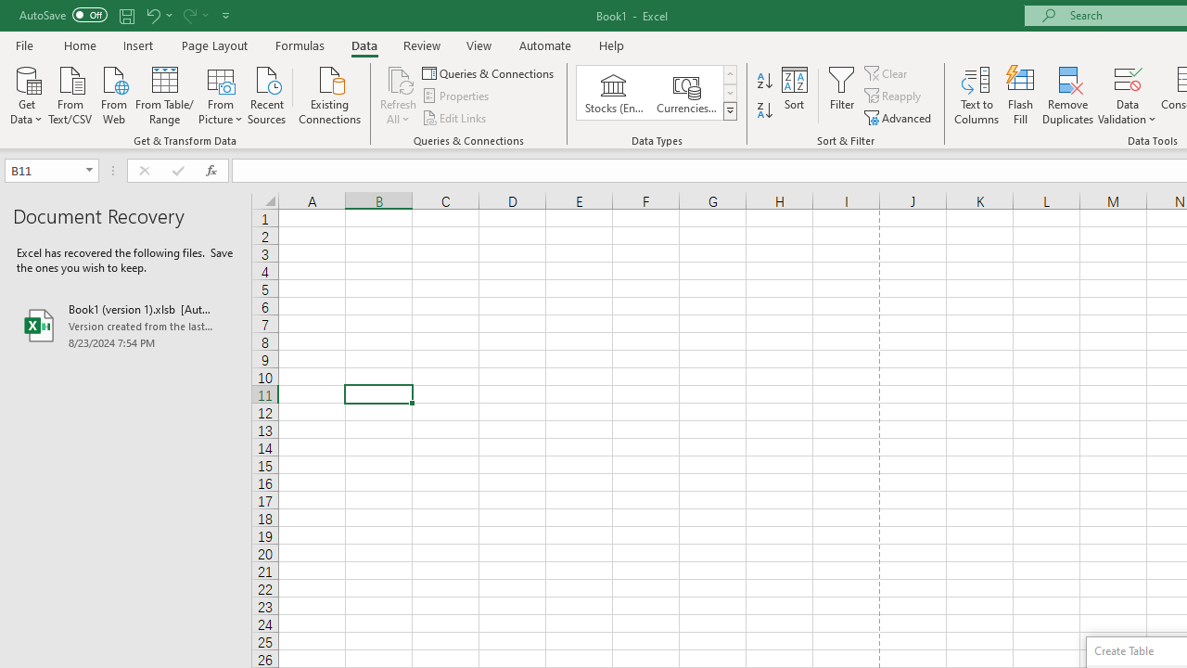  Describe the element at coordinates (729, 111) in the screenshot. I see `'Data Types'` at that location.